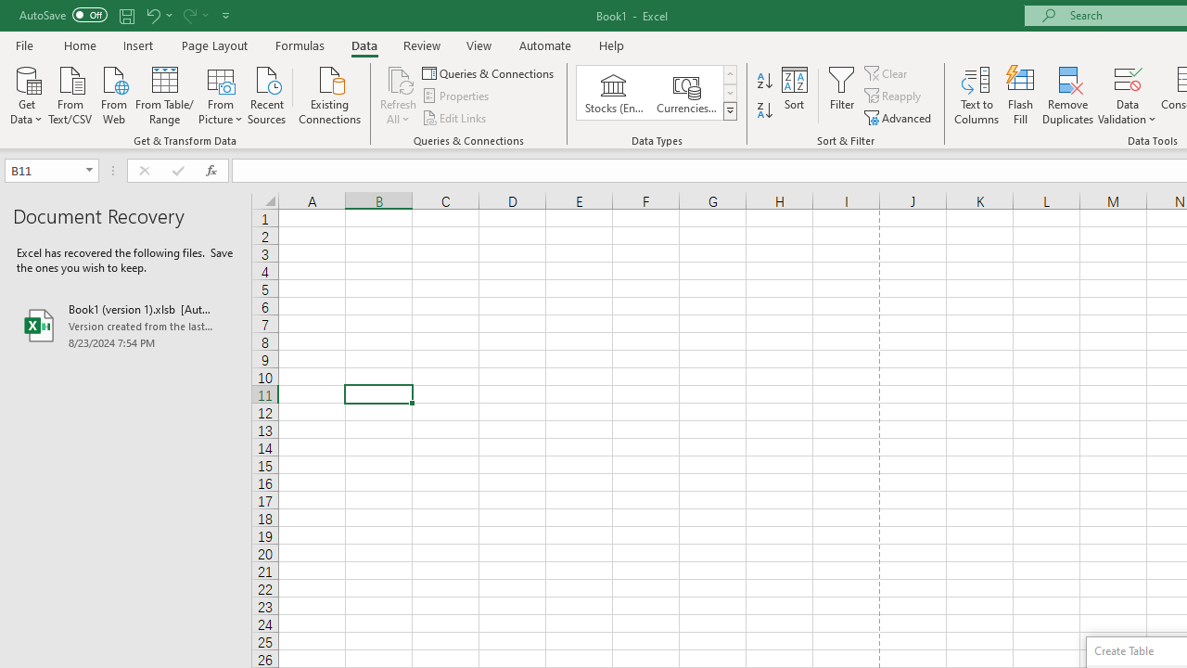  Describe the element at coordinates (729, 111) in the screenshot. I see `'Data Types'` at that location.